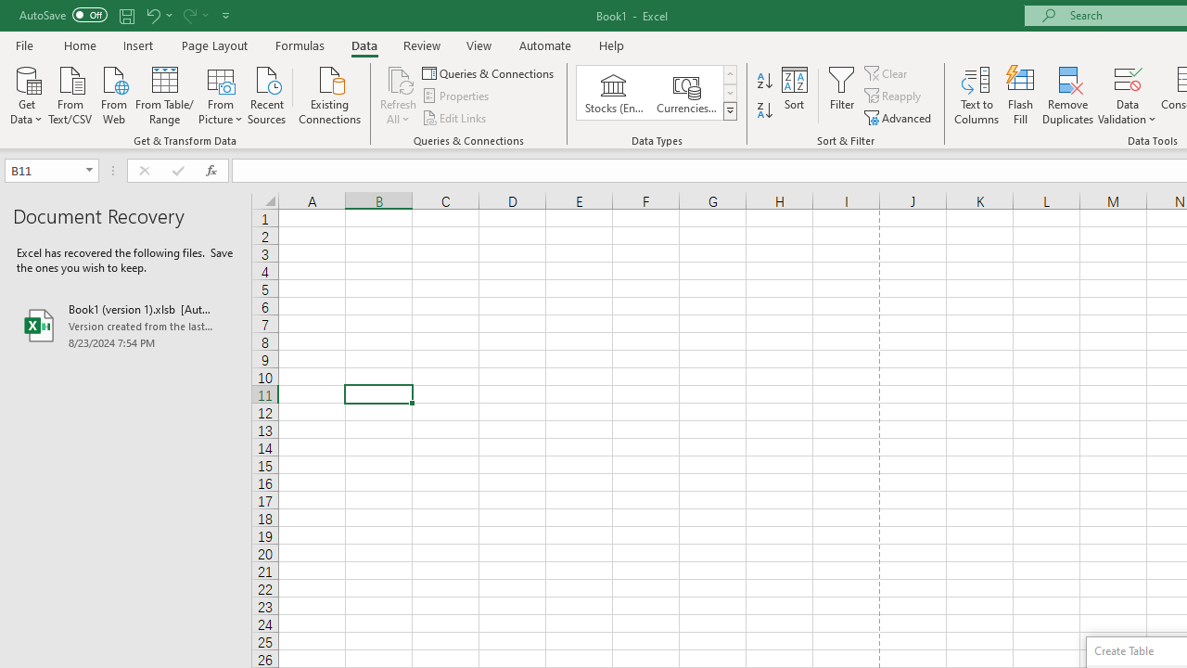  Describe the element at coordinates (729, 111) in the screenshot. I see `'Data Types'` at that location.